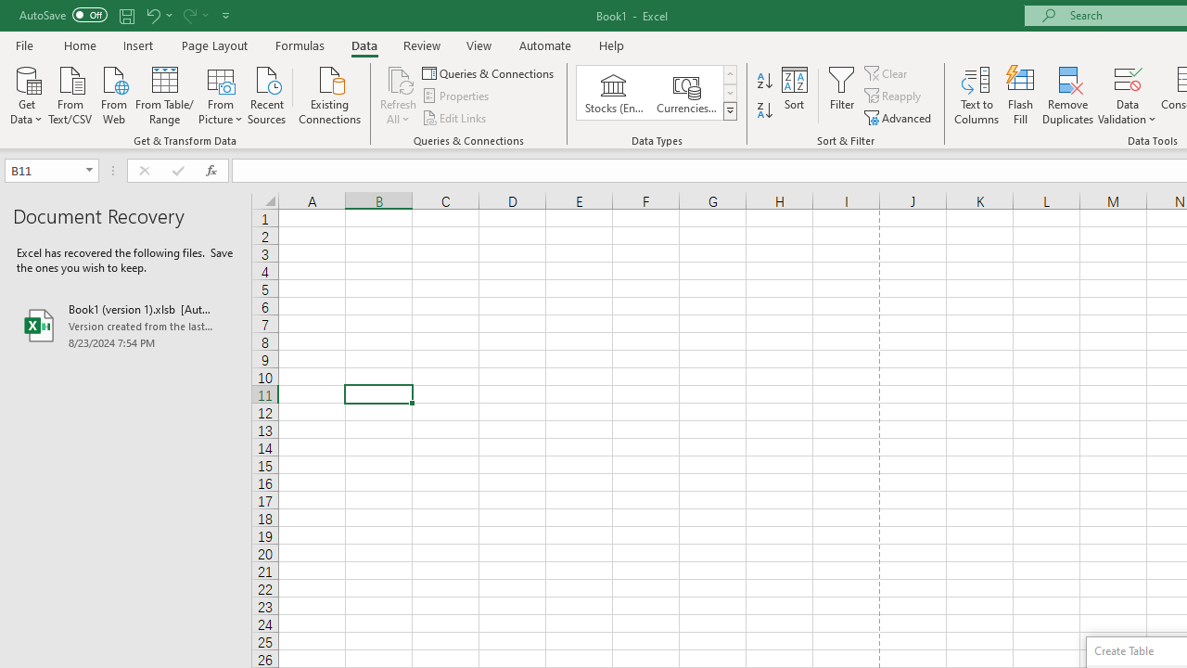  Describe the element at coordinates (729, 111) in the screenshot. I see `'Data Types'` at that location.